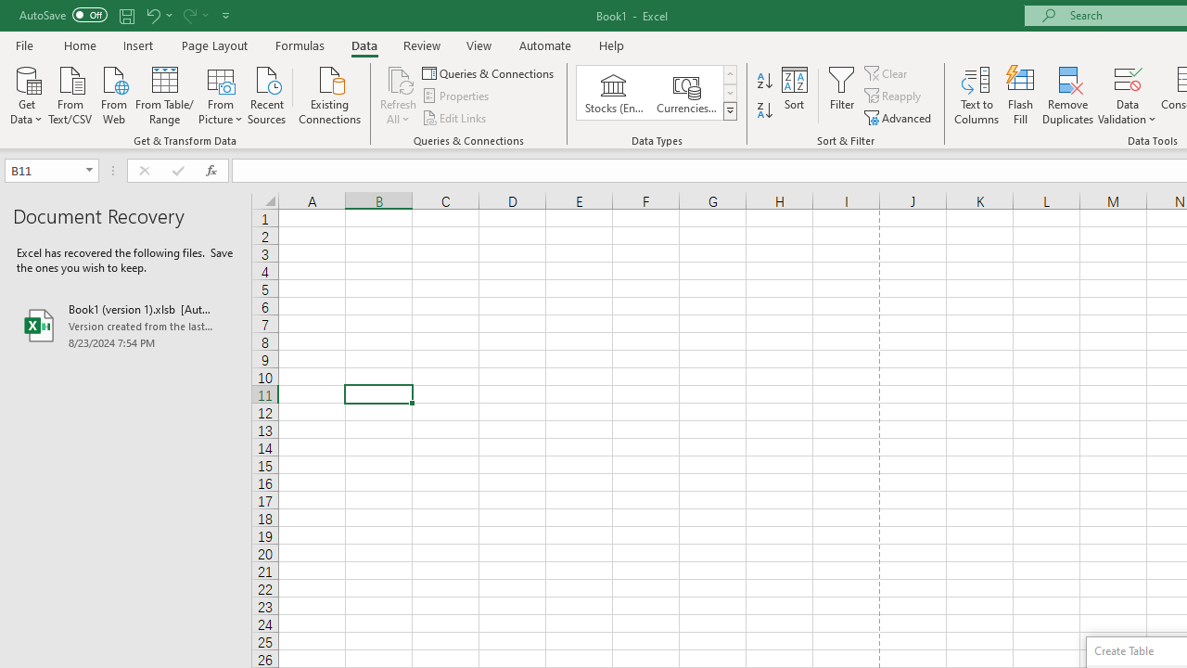  Describe the element at coordinates (729, 111) in the screenshot. I see `'Data Types'` at that location.